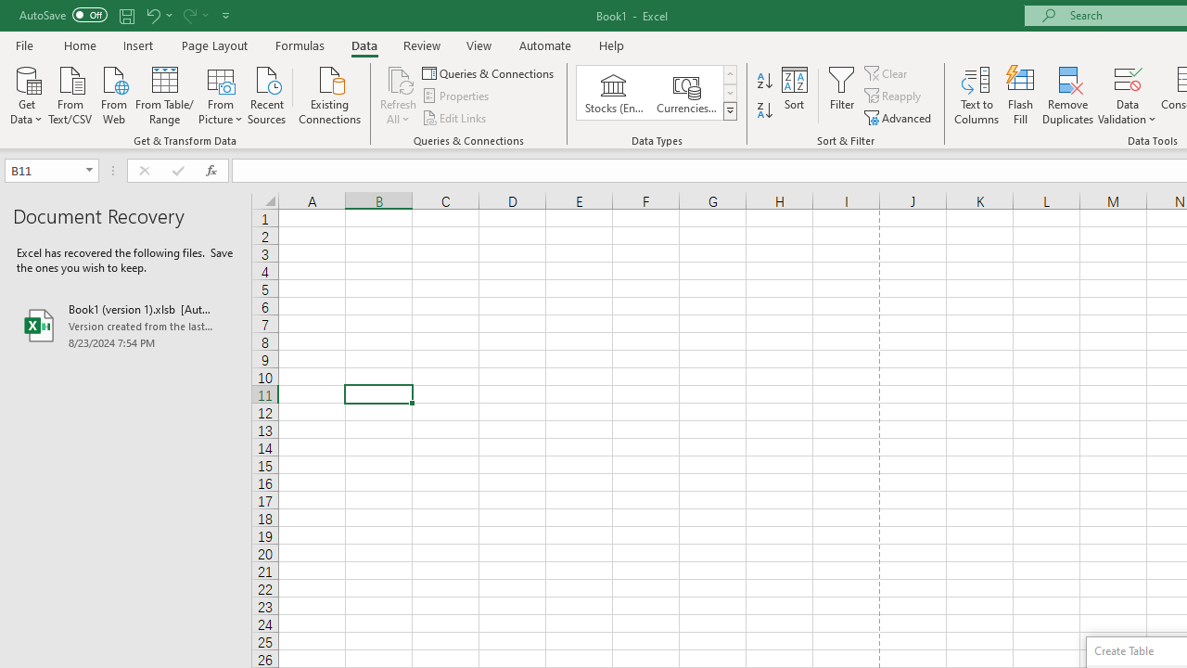  Describe the element at coordinates (729, 111) in the screenshot. I see `'Data Types'` at that location.